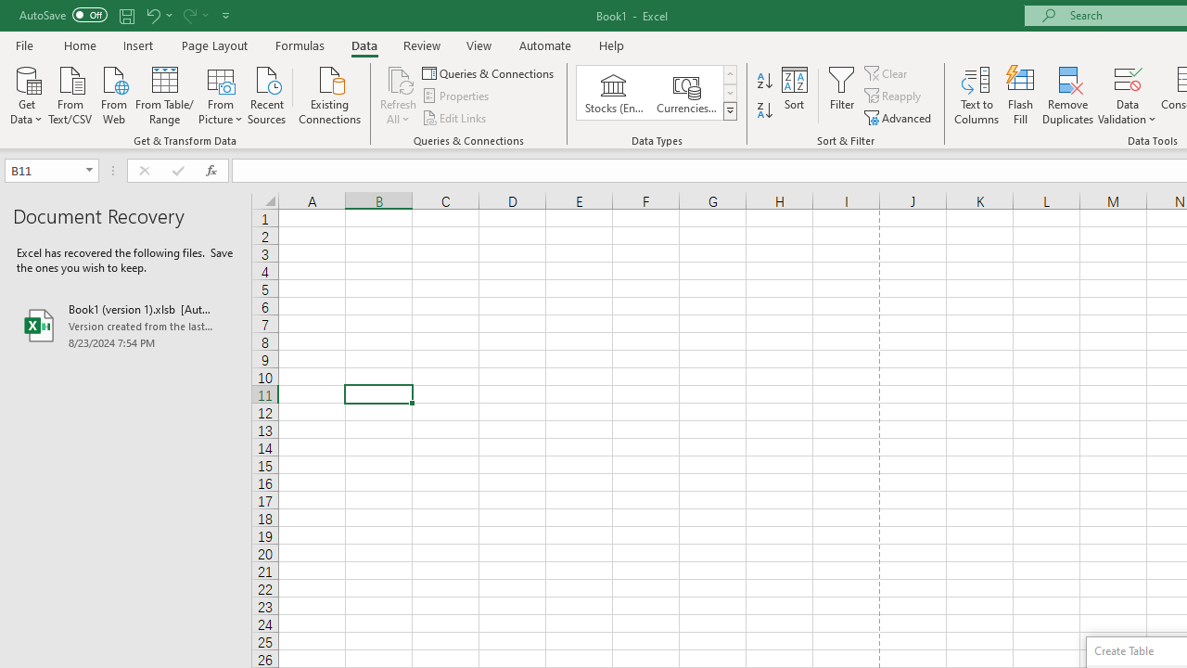  Describe the element at coordinates (729, 111) in the screenshot. I see `'Data Types'` at that location.